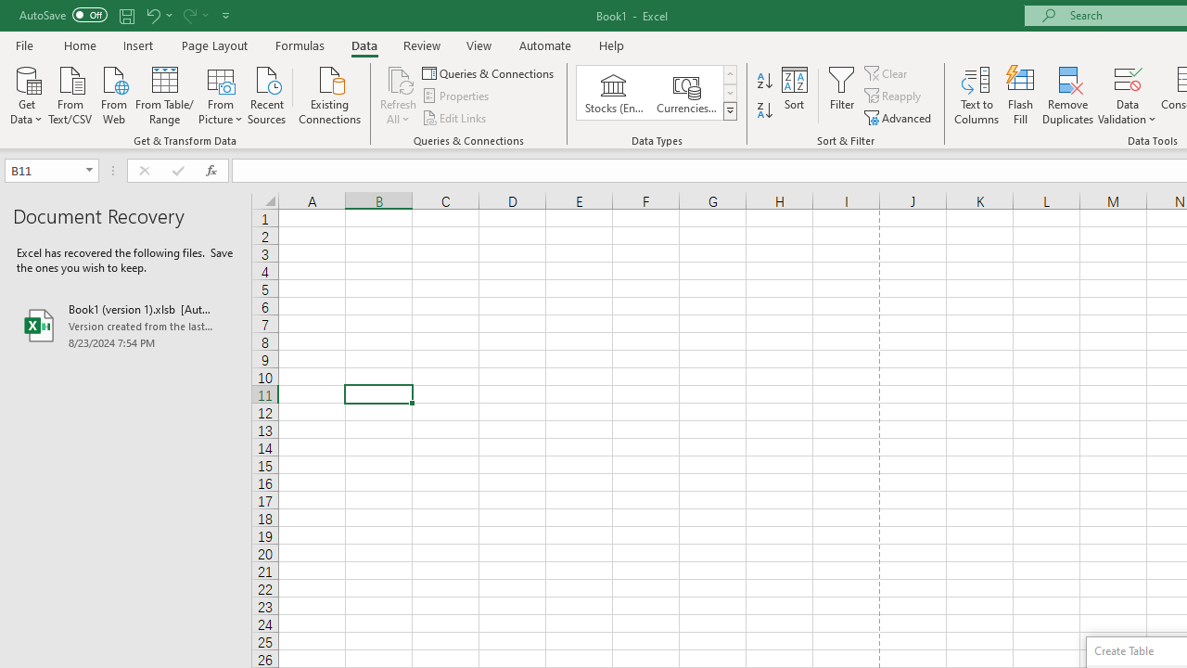  Describe the element at coordinates (729, 111) in the screenshot. I see `'Data Types'` at that location.